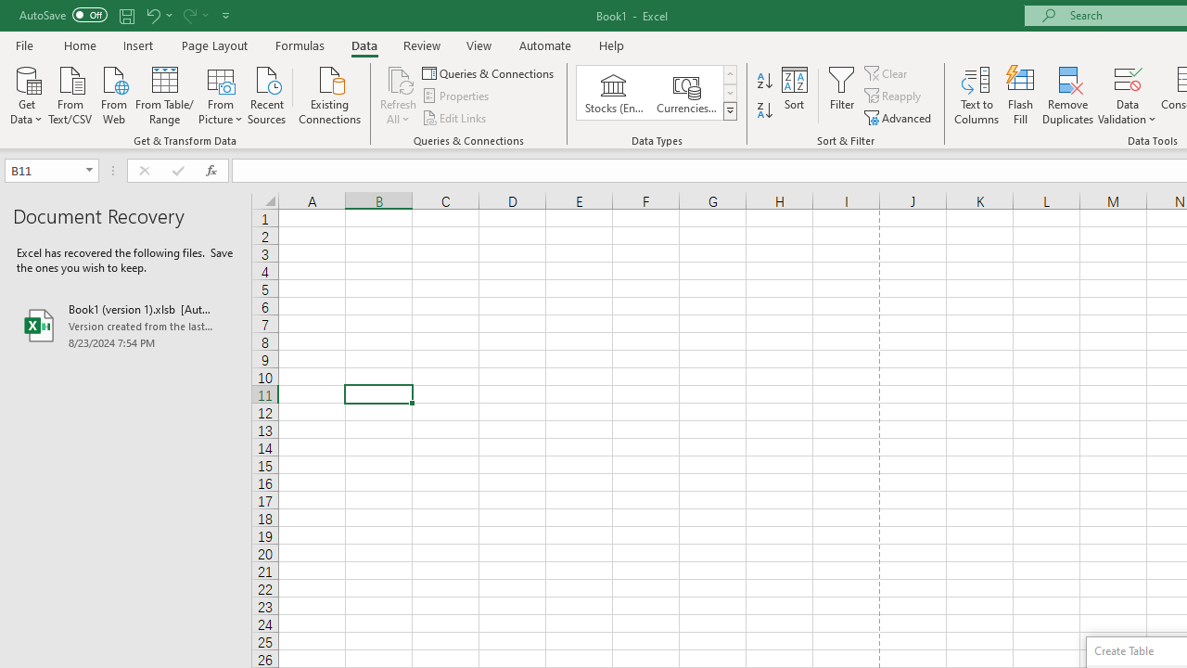  Describe the element at coordinates (729, 111) in the screenshot. I see `'Data Types'` at that location.